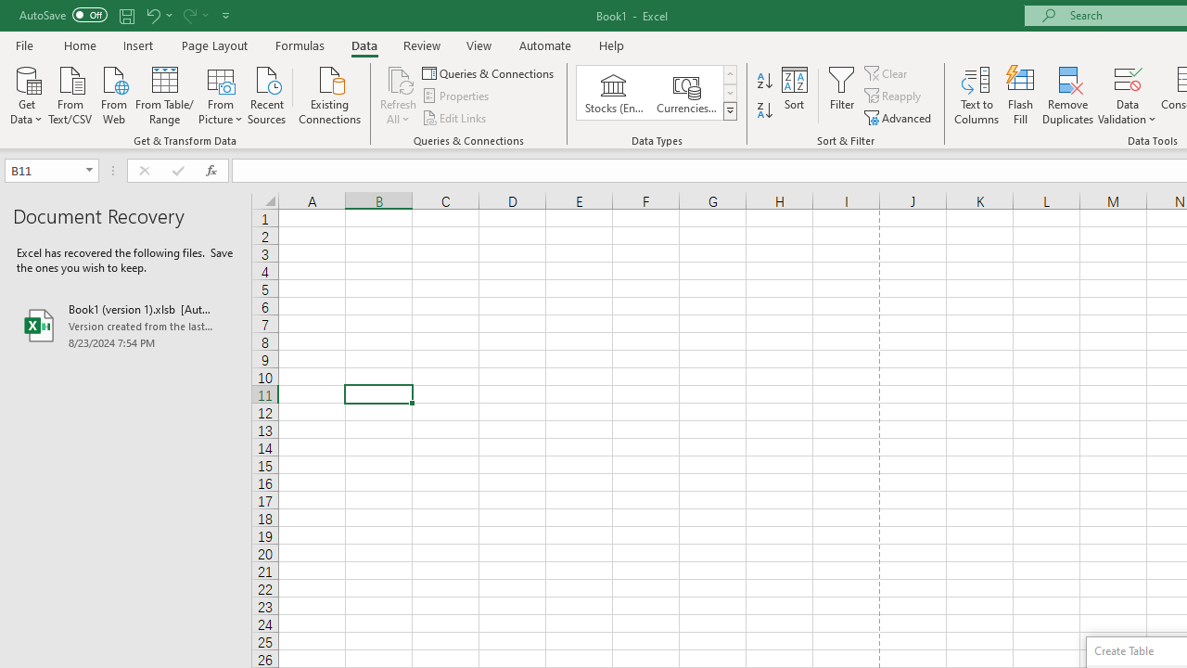  Describe the element at coordinates (729, 111) in the screenshot. I see `'Data Types'` at that location.